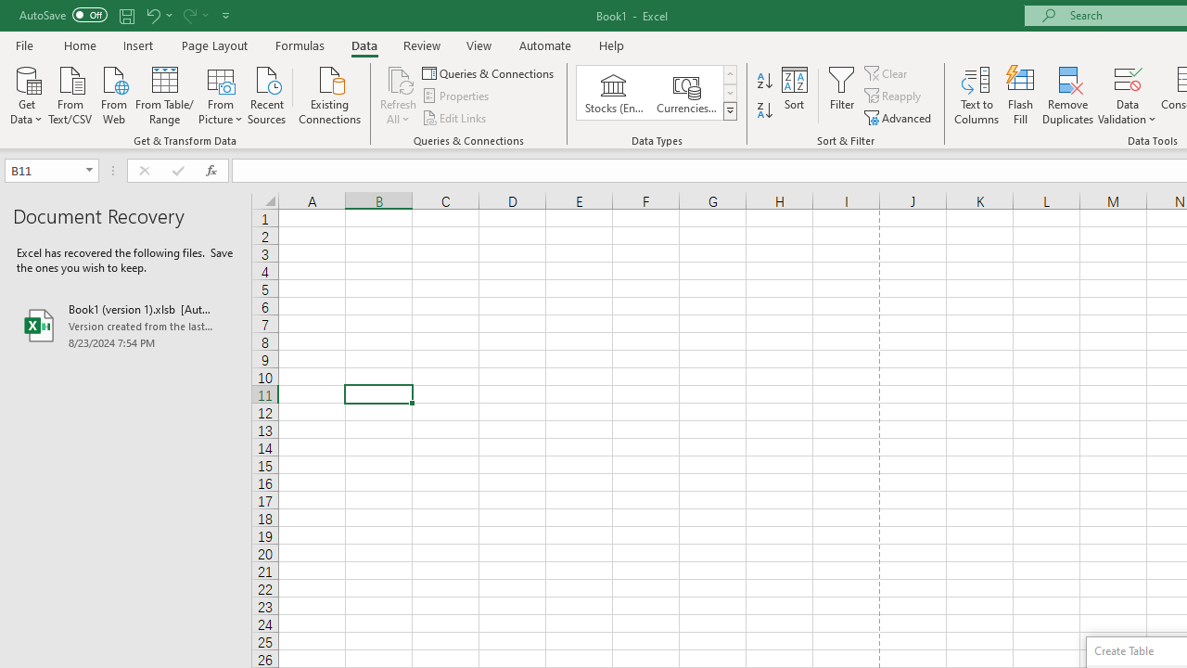  Describe the element at coordinates (729, 111) in the screenshot. I see `'Data Types'` at that location.